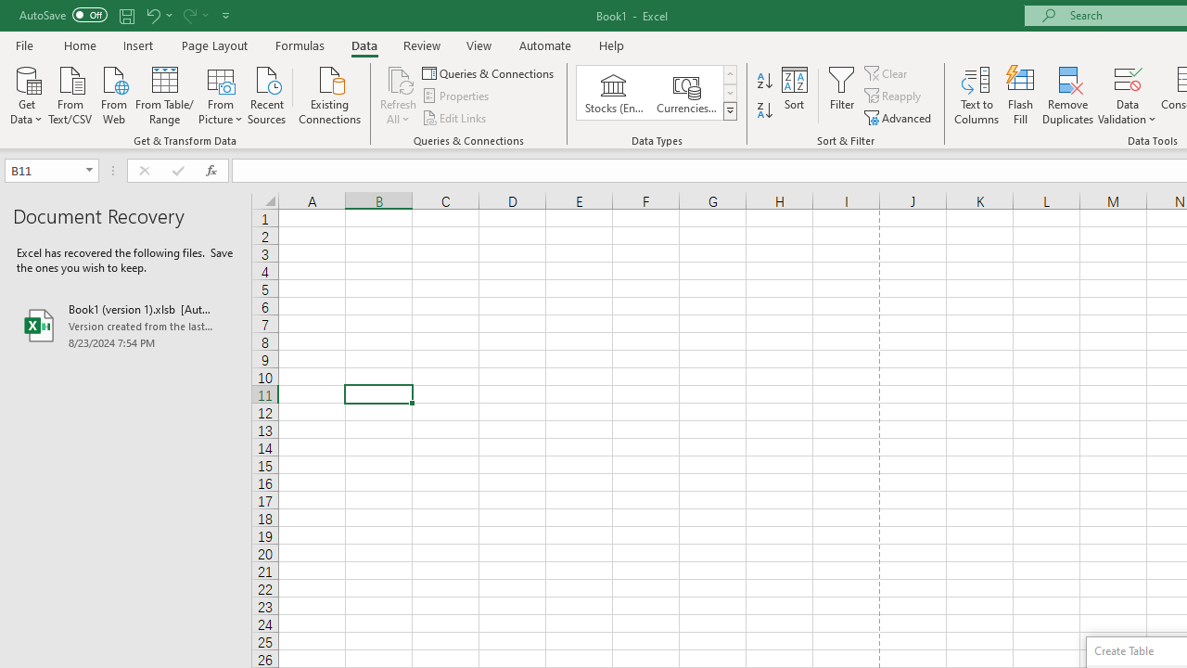  Describe the element at coordinates (729, 111) in the screenshot. I see `'Data Types'` at that location.